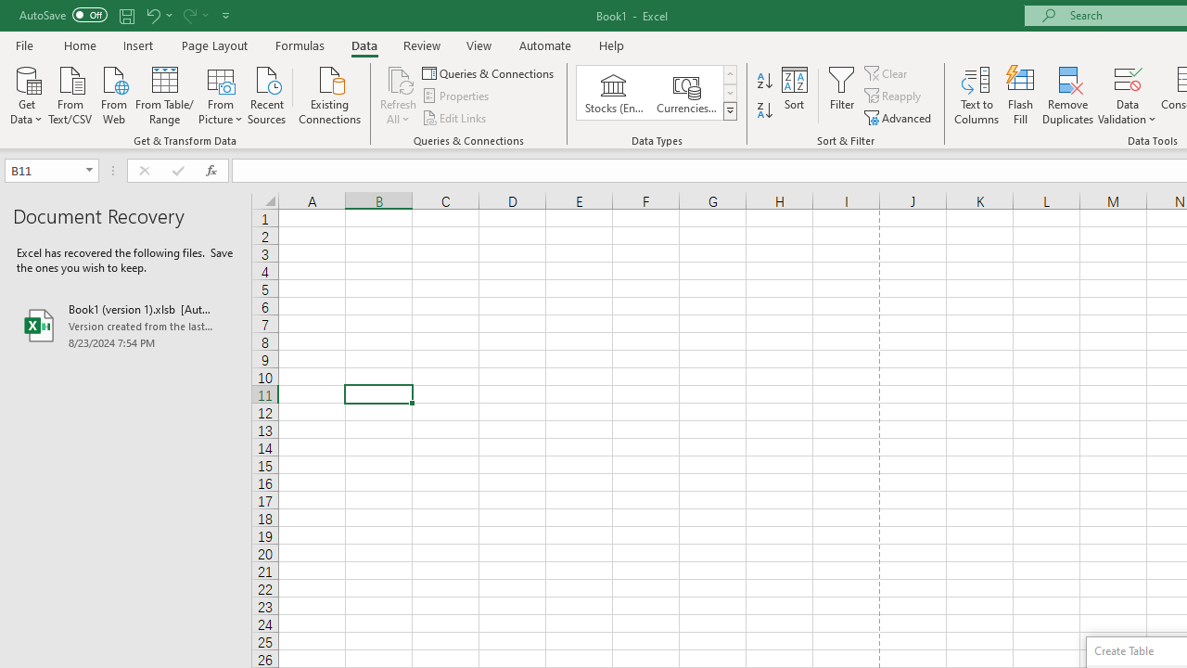  Describe the element at coordinates (729, 111) in the screenshot. I see `'Data Types'` at that location.